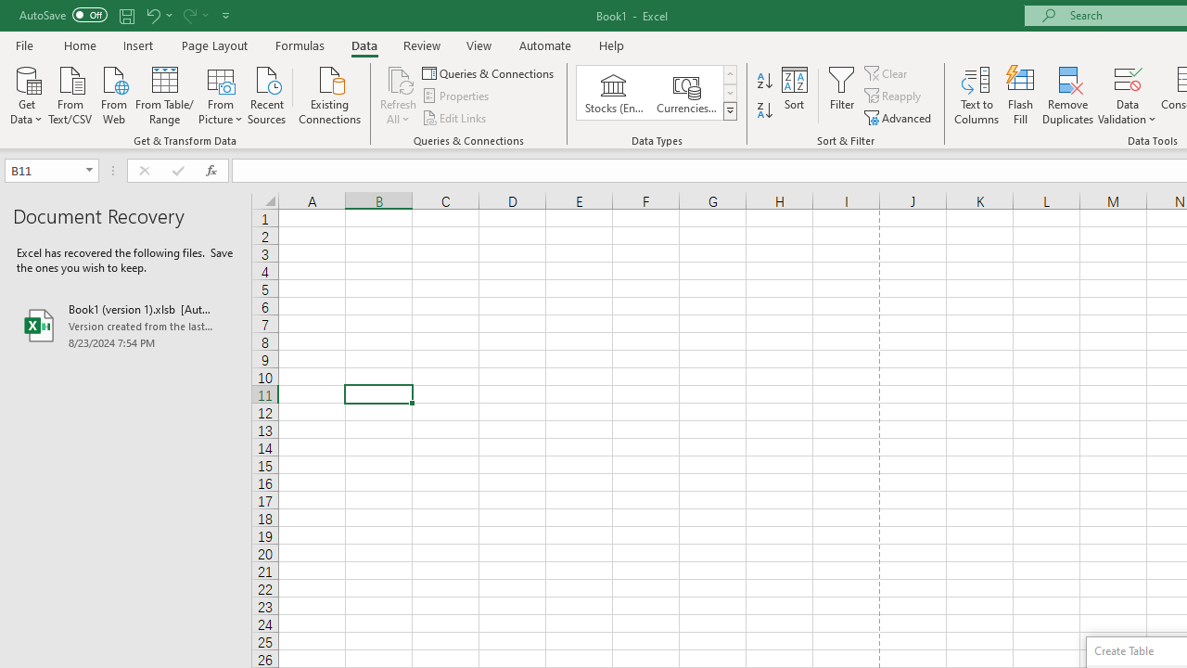  Describe the element at coordinates (729, 111) in the screenshot. I see `'Data Types'` at that location.